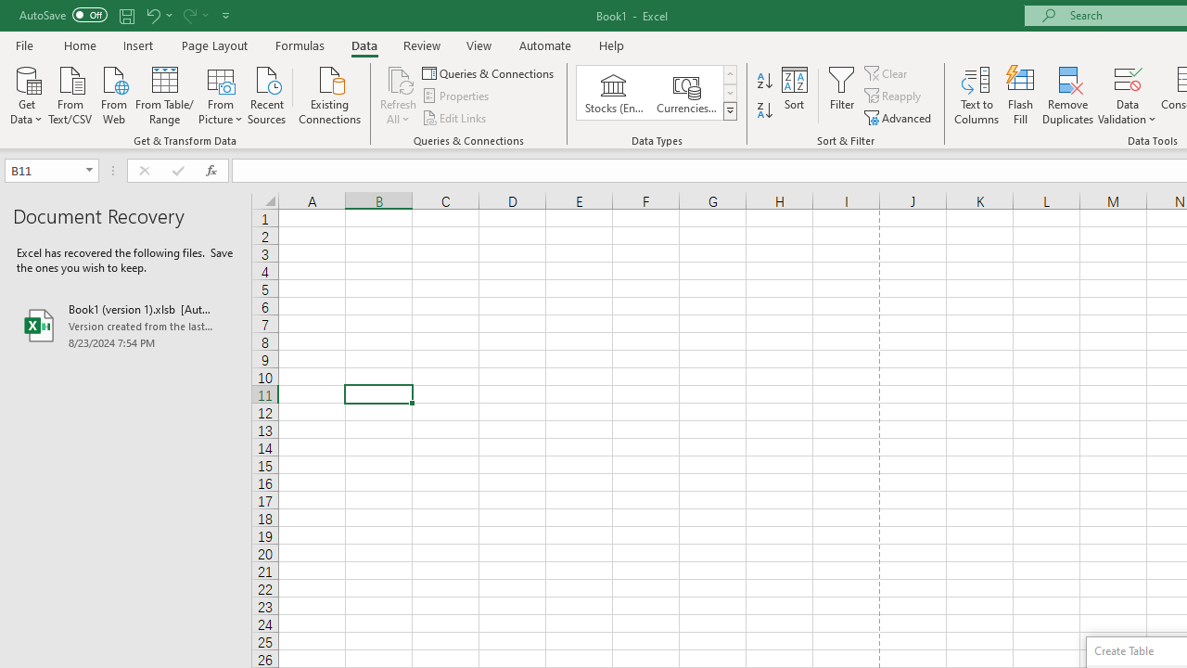  Describe the element at coordinates (729, 111) in the screenshot. I see `'Data Types'` at that location.